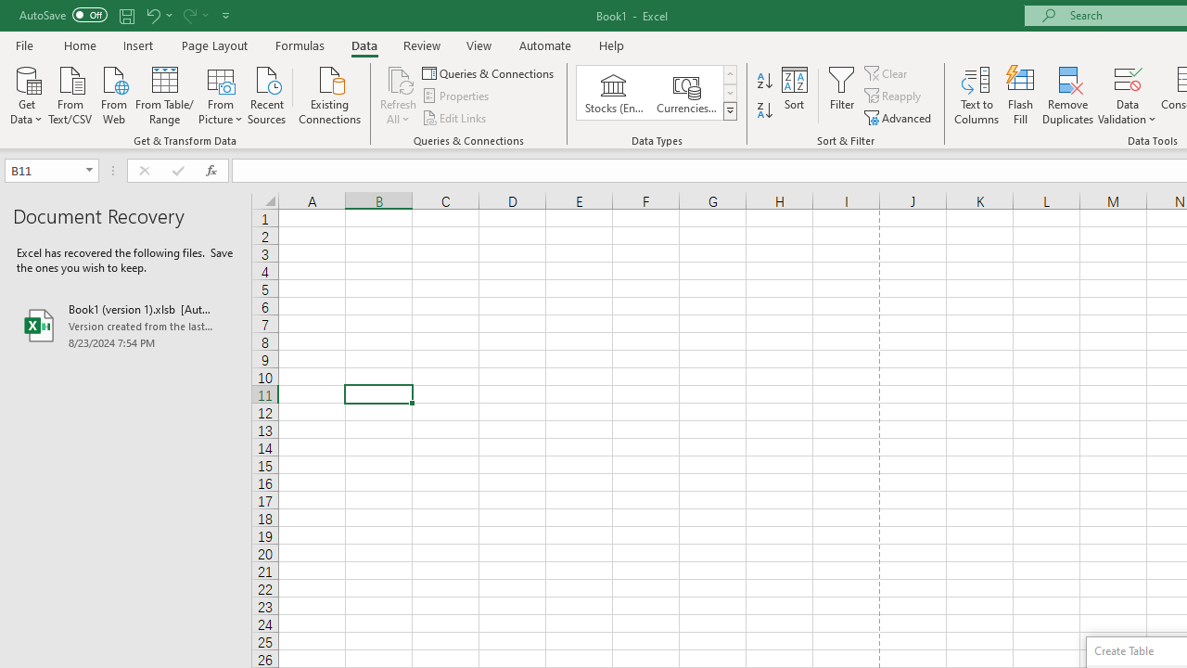  Describe the element at coordinates (729, 111) in the screenshot. I see `'Data Types'` at that location.